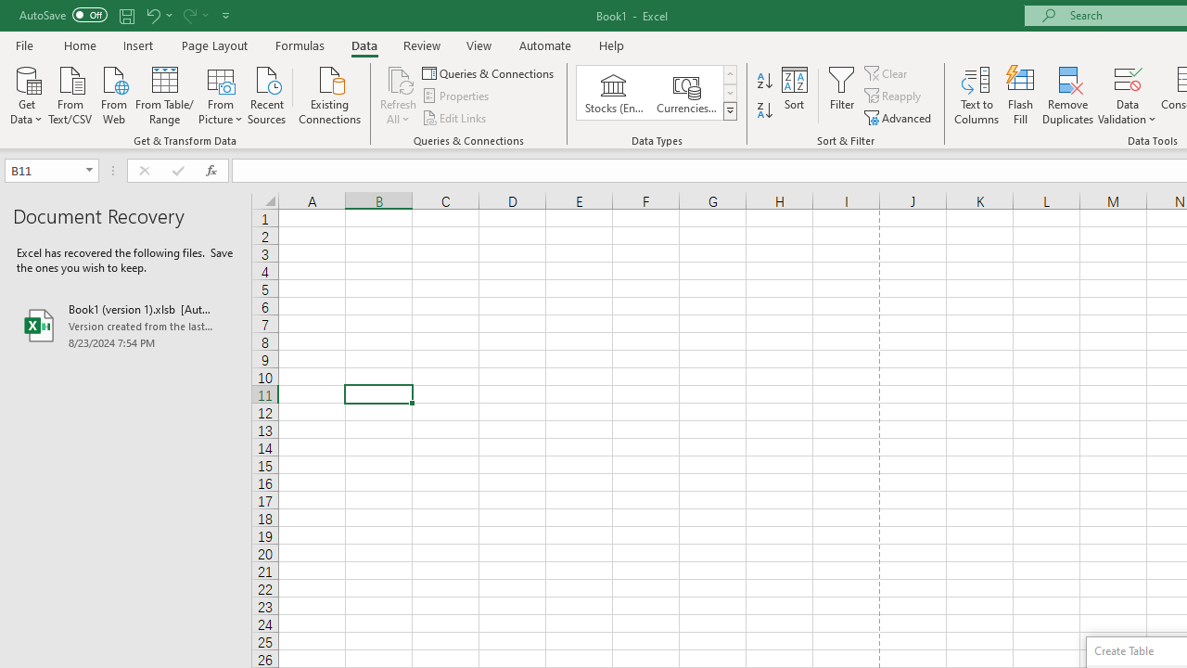  Describe the element at coordinates (729, 111) in the screenshot. I see `'Data Types'` at that location.